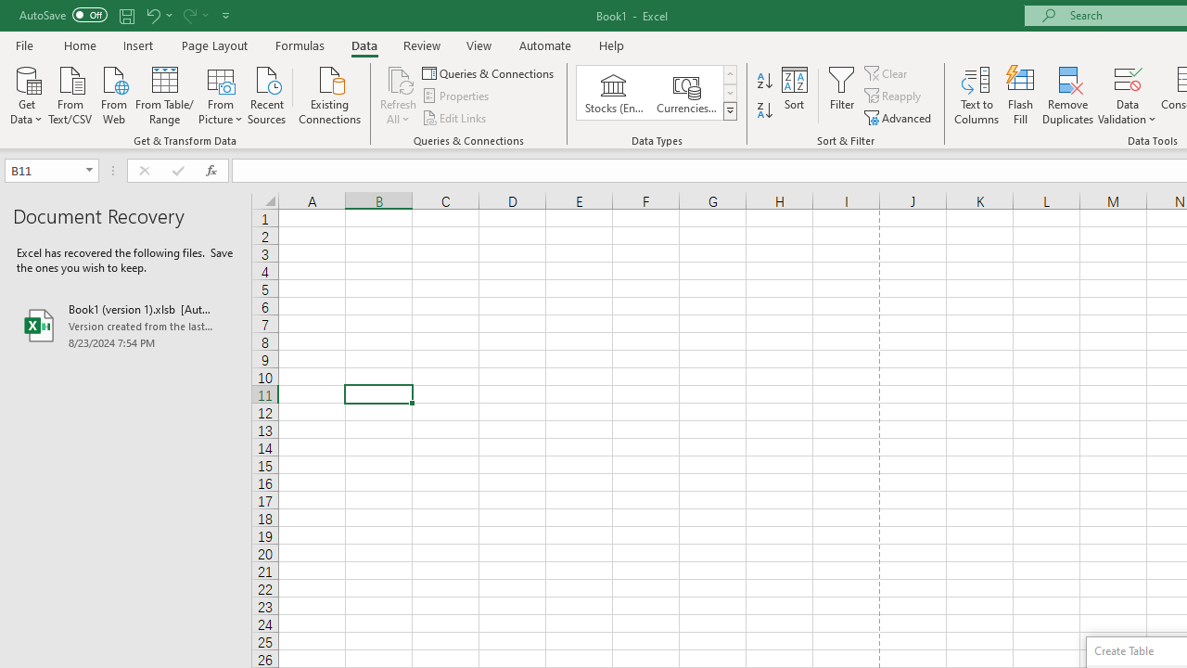  Describe the element at coordinates (729, 111) in the screenshot. I see `'Data Types'` at that location.